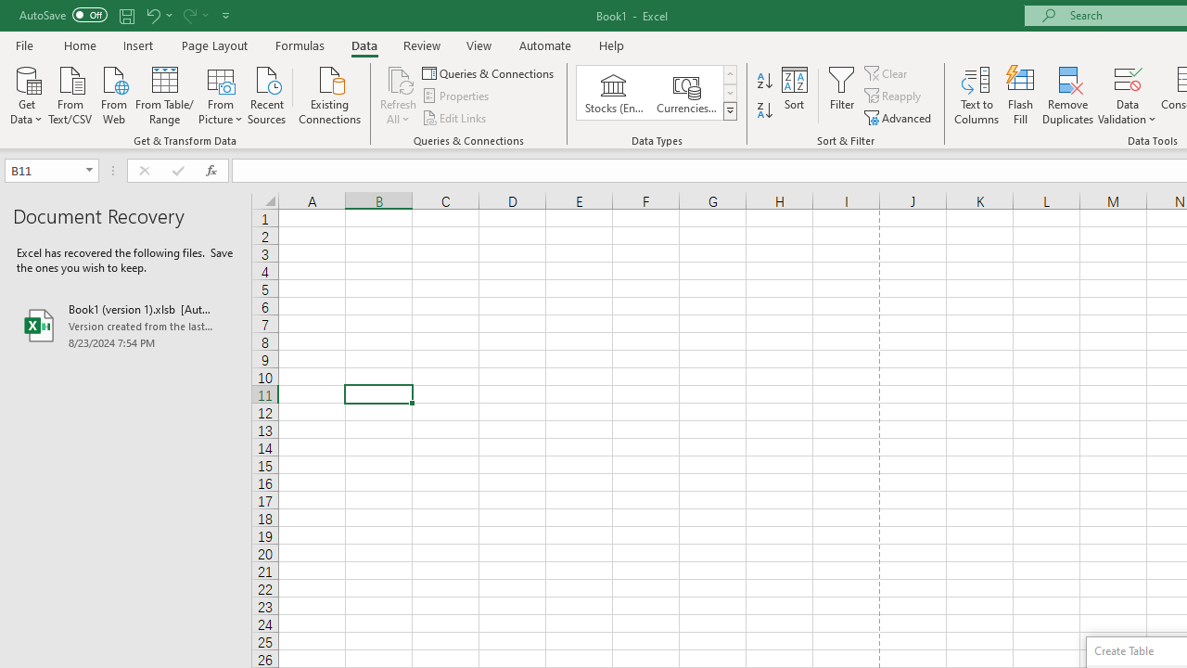  Describe the element at coordinates (729, 111) in the screenshot. I see `'Data Types'` at that location.